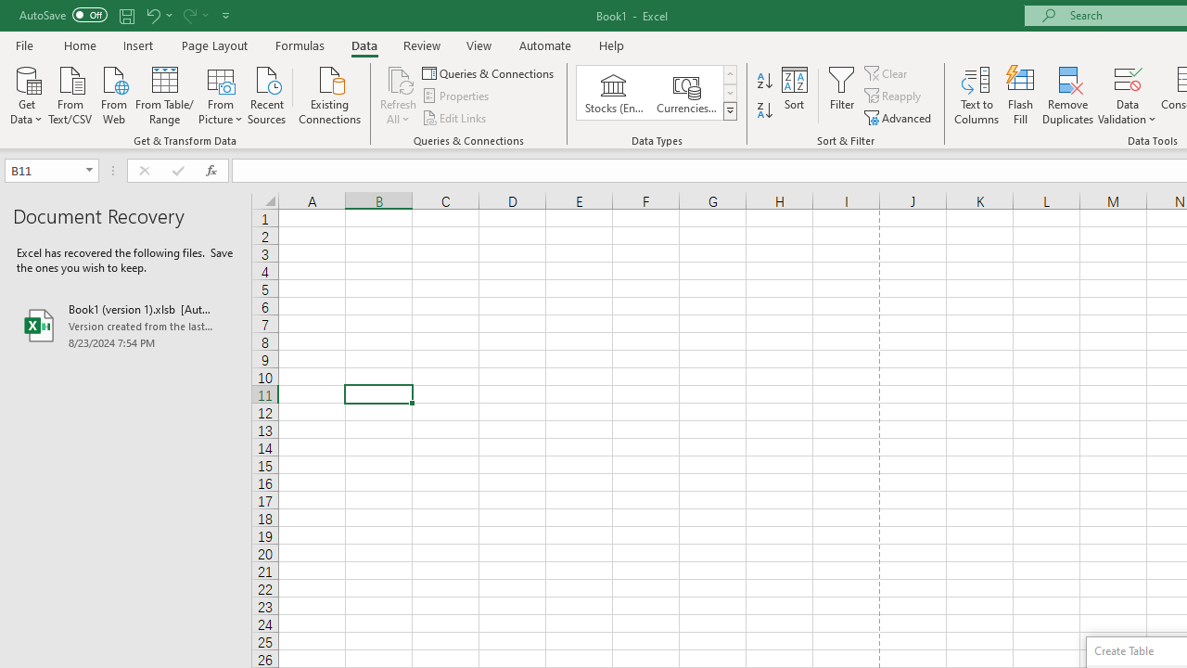  Describe the element at coordinates (729, 111) in the screenshot. I see `'Data Types'` at that location.